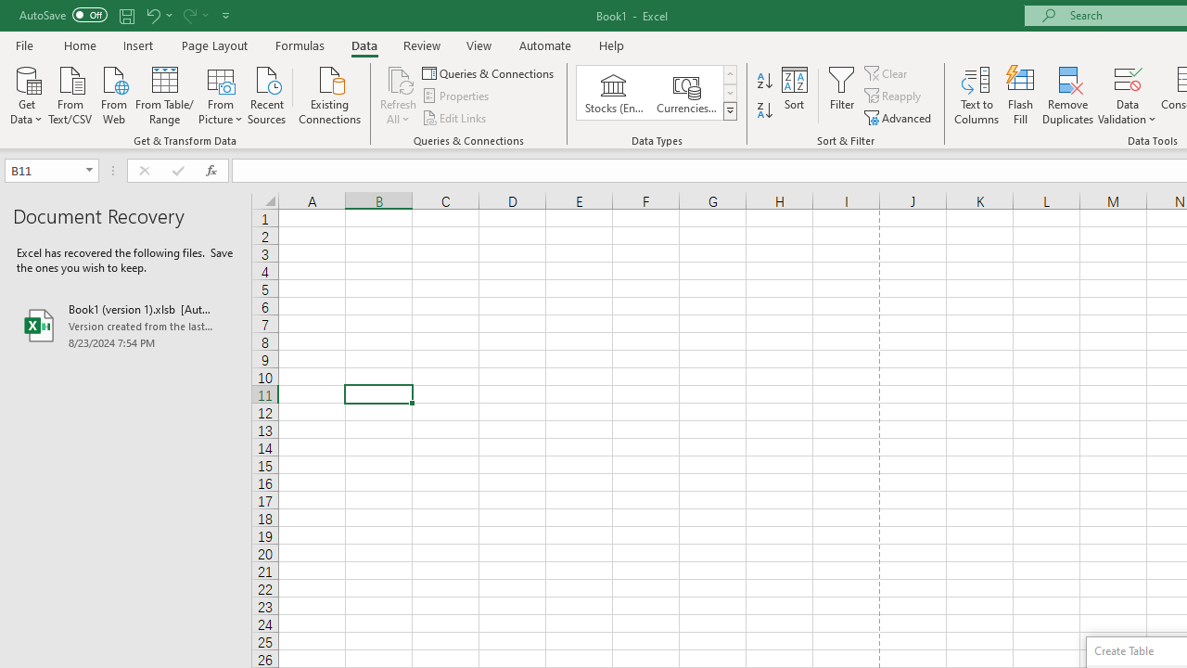  Describe the element at coordinates (729, 111) in the screenshot. I see `'Data Types'` at that location.